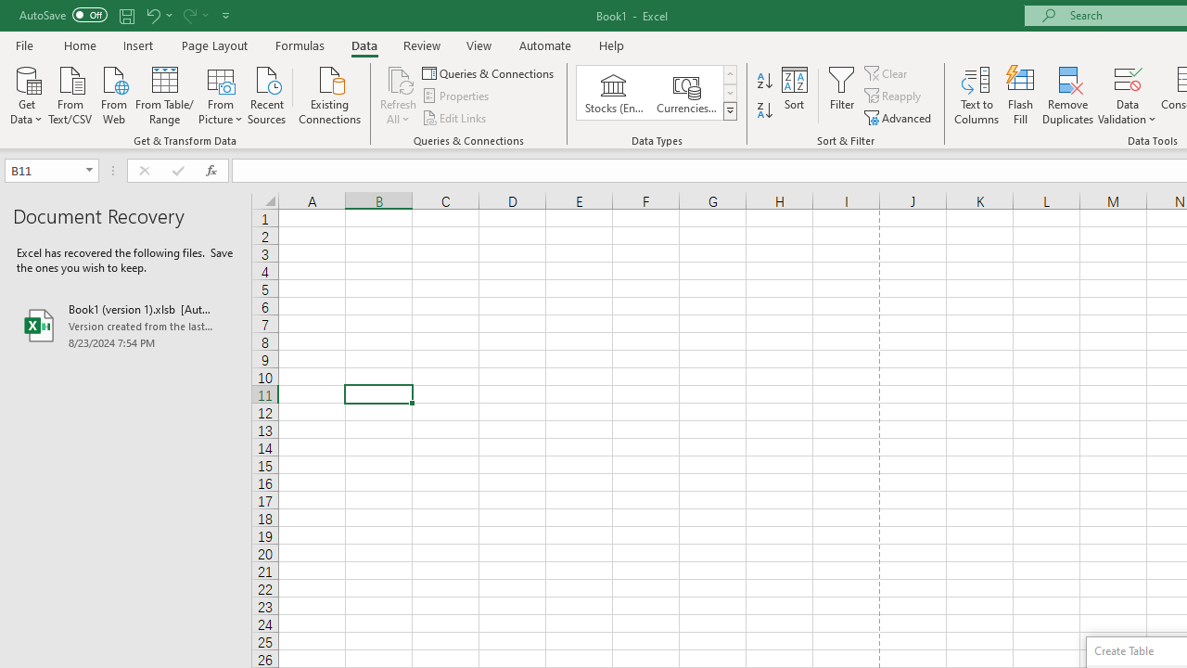  Describe the element at coordinates (729, 111) in the screenshot. I see `'Data Types'` at that location.